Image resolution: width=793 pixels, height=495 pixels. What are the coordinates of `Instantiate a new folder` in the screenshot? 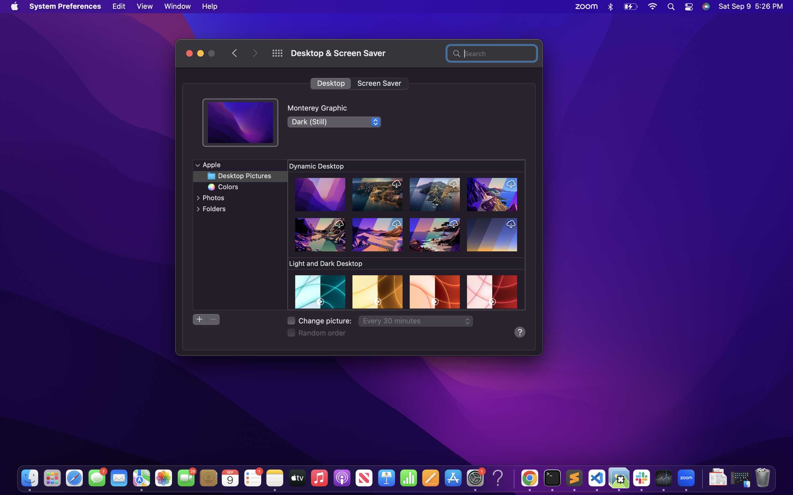 It's located at (201, 319).